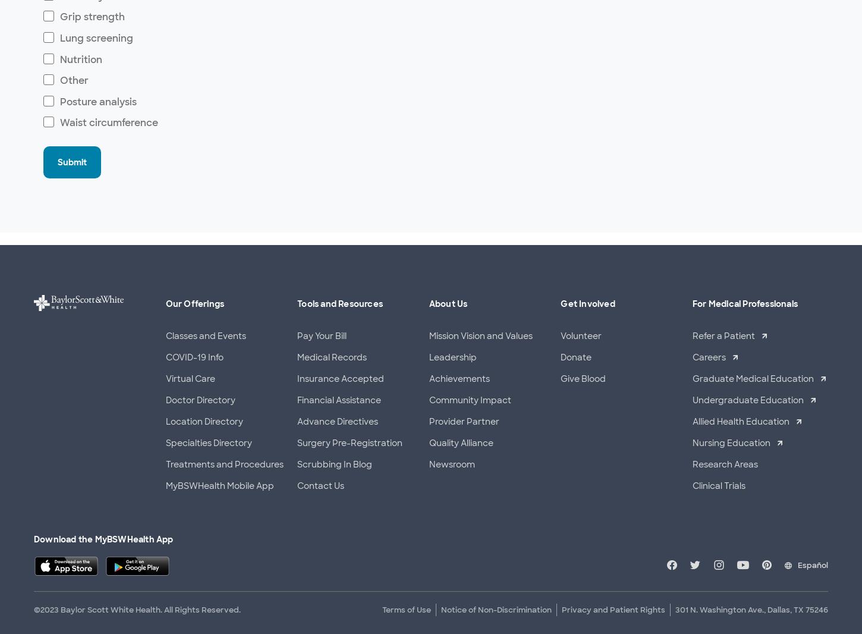  I want to click on 'Nutrition', so click(80, 58).